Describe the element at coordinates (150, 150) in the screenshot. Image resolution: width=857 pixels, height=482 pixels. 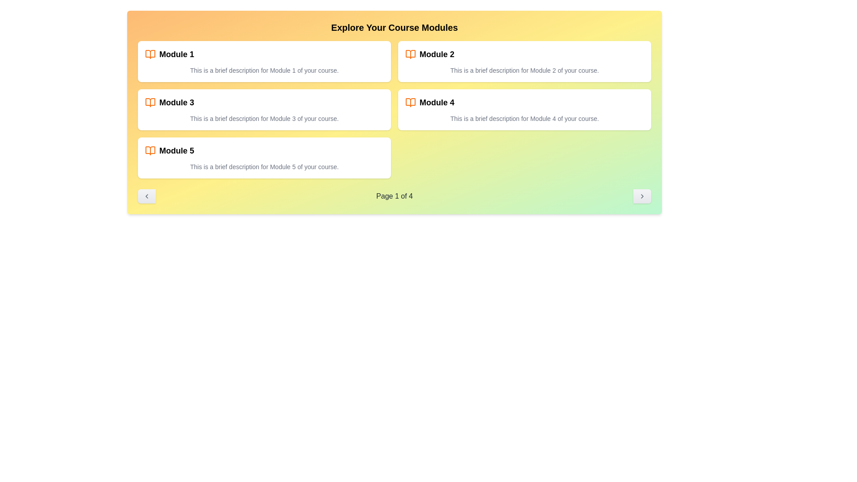
I see `the decorative icon representing Module 5 located beside the label 'Module 5' in the bottom-right card of the visible grid` at that location.